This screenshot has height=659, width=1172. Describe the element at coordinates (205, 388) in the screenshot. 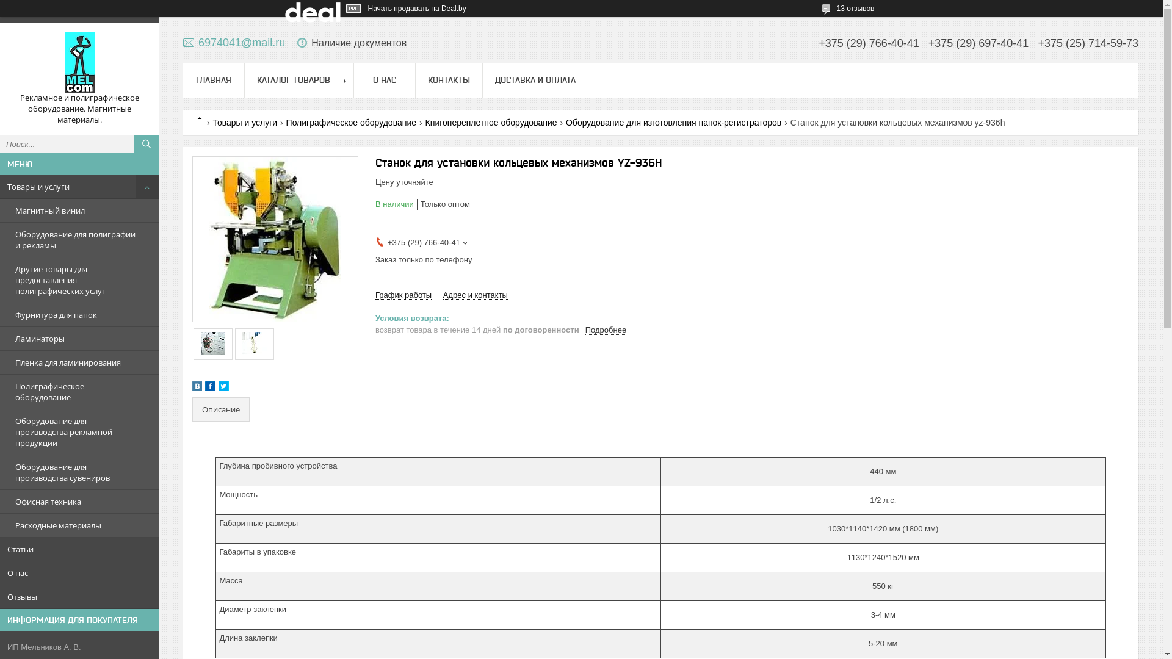

I see `'facebook'` at that location.